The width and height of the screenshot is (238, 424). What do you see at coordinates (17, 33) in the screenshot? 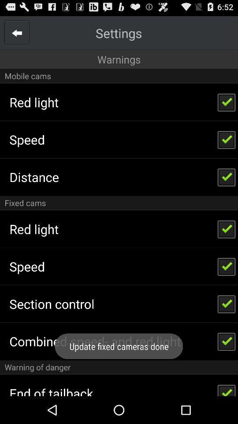
I see `go back` at bounding box center [17, 33].